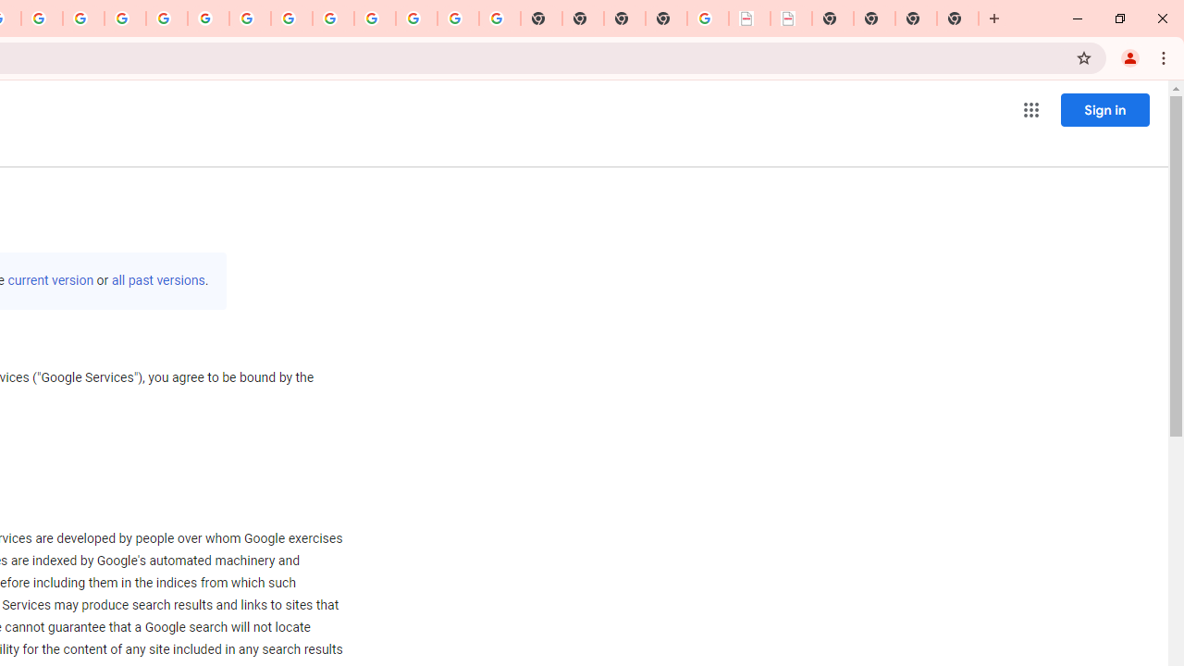  What do you see at coordinates (157, 280) in the screenshot?
I see `'all past versions'` at bounding box center [157, 280].